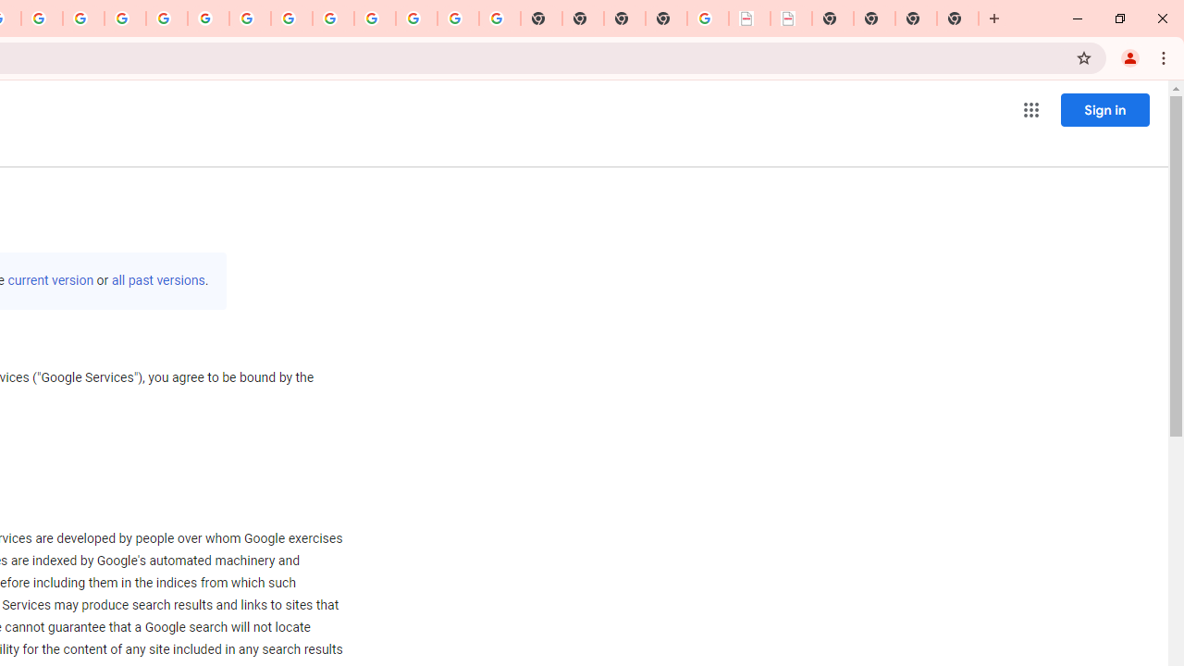  What do you see at coordinates (157, 280) in the screenshot?
I see `'all past versions'` at bounding box center [157, 280].